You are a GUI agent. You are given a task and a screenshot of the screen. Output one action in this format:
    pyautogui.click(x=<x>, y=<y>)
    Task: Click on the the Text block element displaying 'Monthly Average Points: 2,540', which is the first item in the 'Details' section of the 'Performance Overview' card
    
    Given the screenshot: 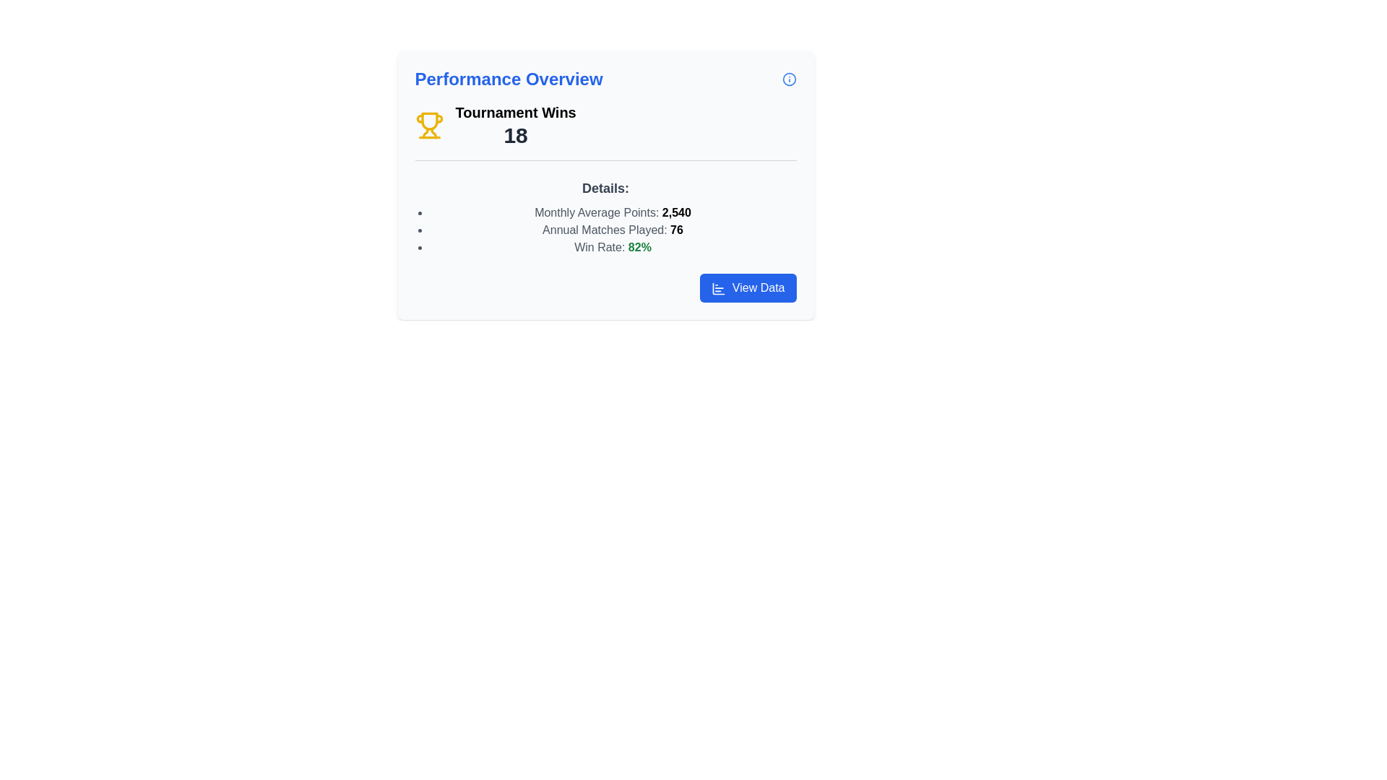 What is the action you would take?
    pyautogui.click(x=613, y=212)
    